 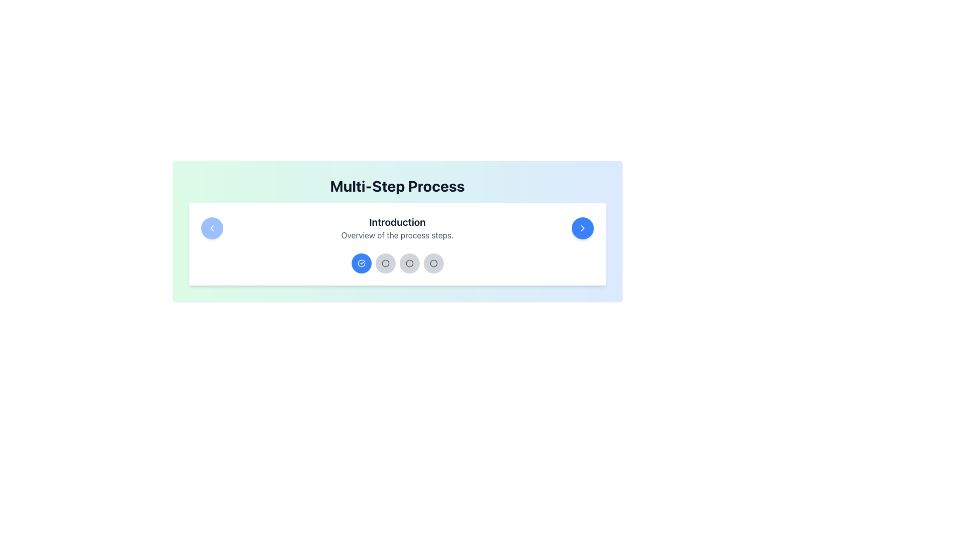 I want to click on the button located at the left end of the section containing the title 'Introduction', so click(x=211, y=228).